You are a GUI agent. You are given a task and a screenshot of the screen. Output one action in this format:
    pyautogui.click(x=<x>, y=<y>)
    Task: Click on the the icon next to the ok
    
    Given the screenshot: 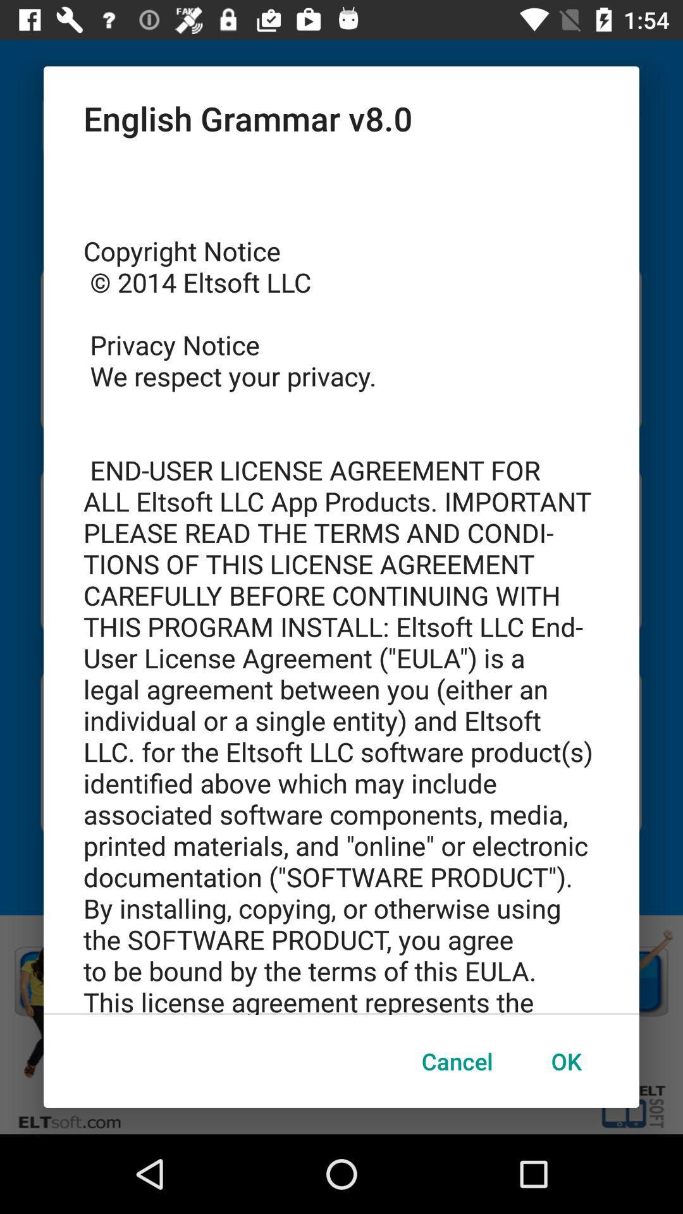 What is the action you would take?
    pyautogui.click(x=457, y=1061)
    